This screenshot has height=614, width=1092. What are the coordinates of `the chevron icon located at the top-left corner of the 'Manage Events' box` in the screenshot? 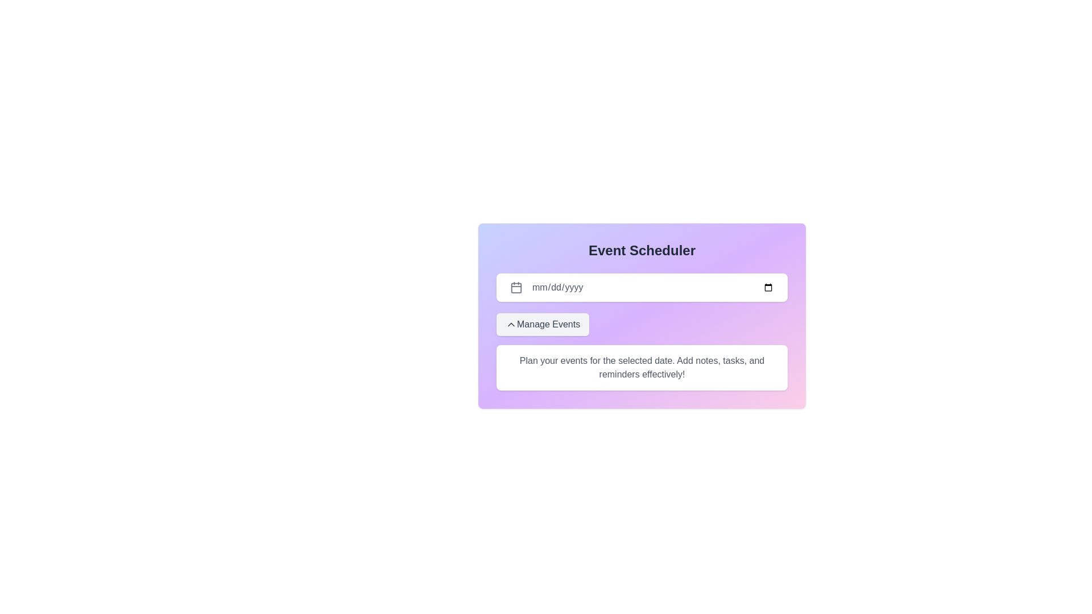 It's located at (510, 324).